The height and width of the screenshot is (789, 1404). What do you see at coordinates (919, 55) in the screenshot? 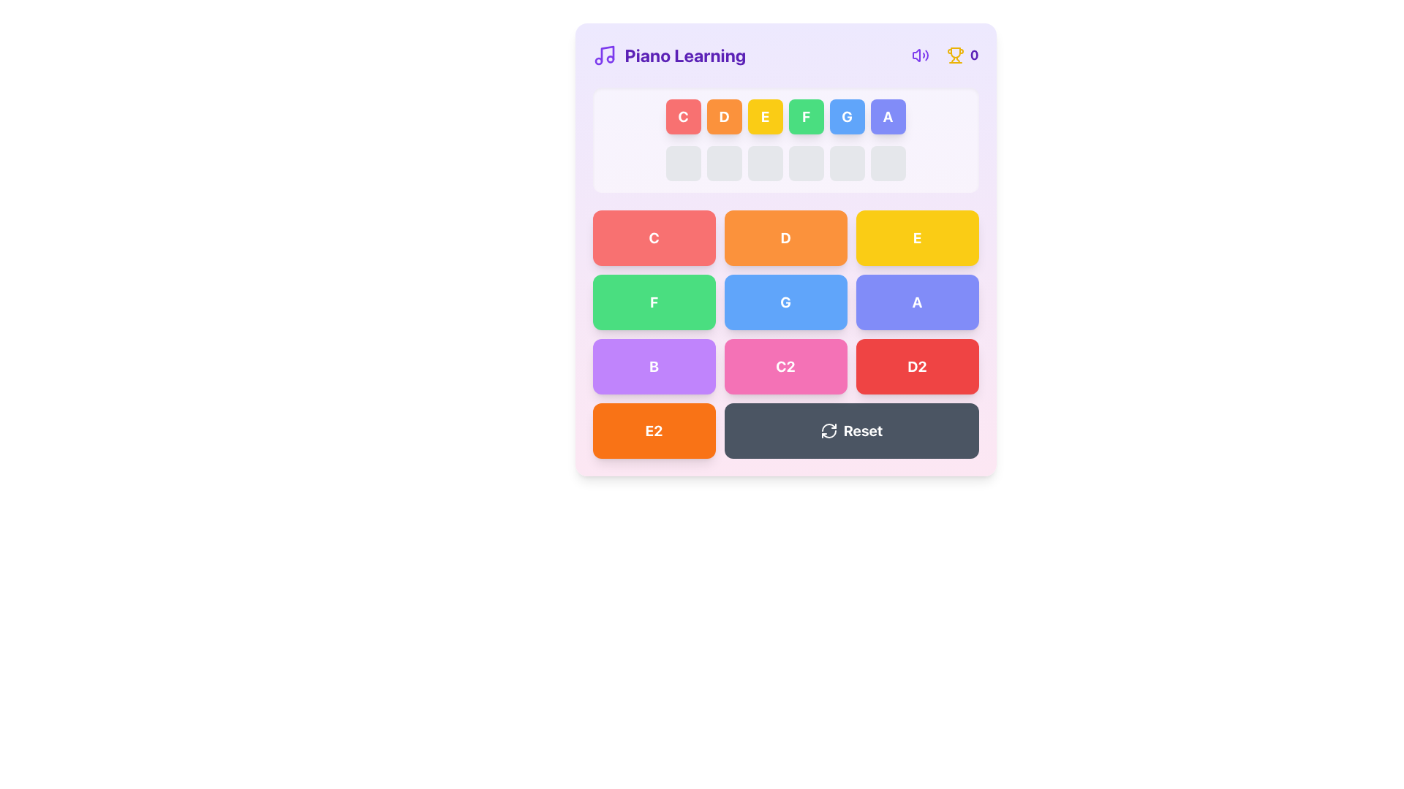
I see `the vibrant violet speaker icon with sound waves` at bounding box center [919, 55].